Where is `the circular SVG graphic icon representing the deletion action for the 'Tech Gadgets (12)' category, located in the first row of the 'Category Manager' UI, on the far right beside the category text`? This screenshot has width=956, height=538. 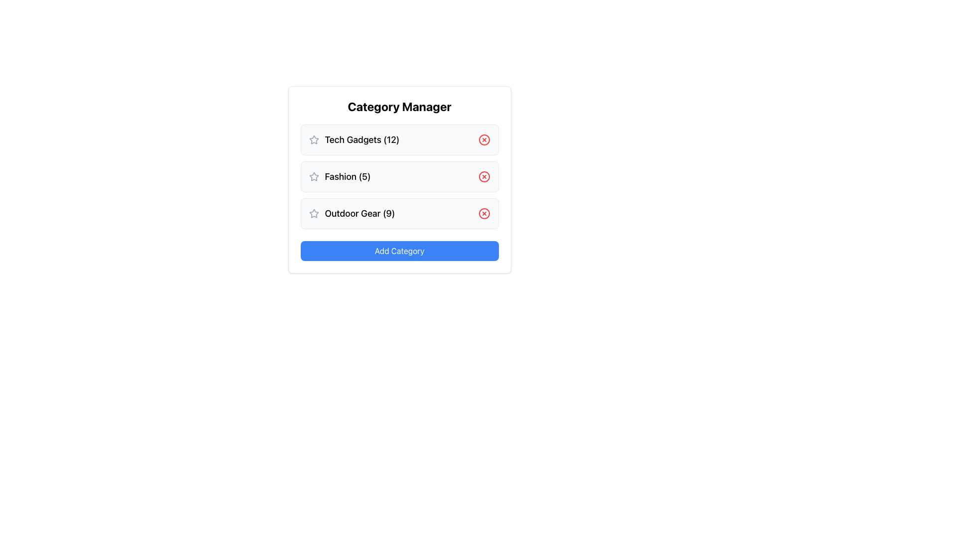
the circular SVG graphic icon representing the deletion action for the 'Tech Gadgets (12)' category, located in the first row of the 'Category Manager' UI, on the far right beside the category text is located at coordinates (484, 140).